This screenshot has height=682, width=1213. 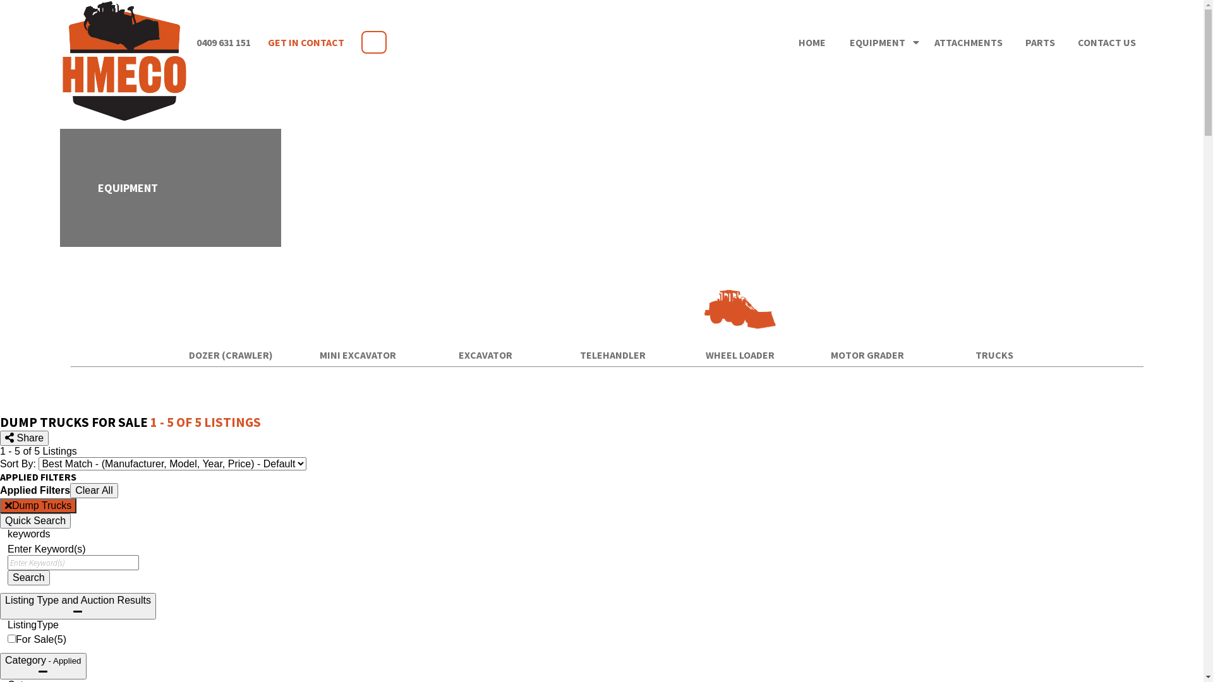 What do you see at coordinates (168, 355) in the screenshot?
I see `'DOZER (CRAWLER)'` at bounding box center [168, 355].